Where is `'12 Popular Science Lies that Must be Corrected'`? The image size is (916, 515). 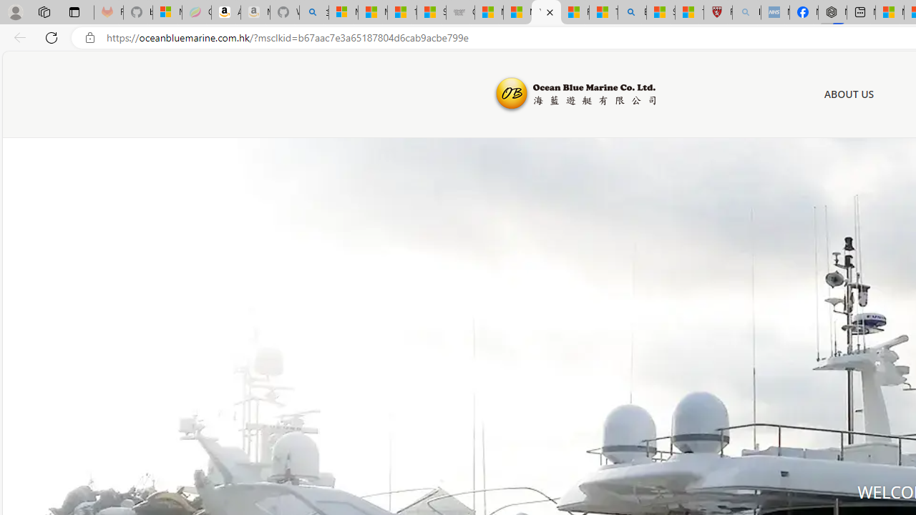 '12 Popular Science Lies that Must be Corrected' is located at coordinates (689, 12).